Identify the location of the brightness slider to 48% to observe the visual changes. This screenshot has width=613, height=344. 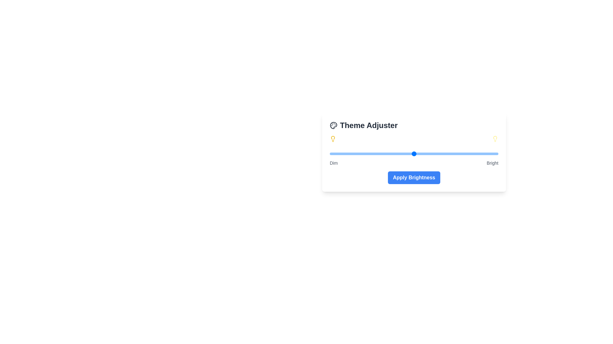
(411, 154).